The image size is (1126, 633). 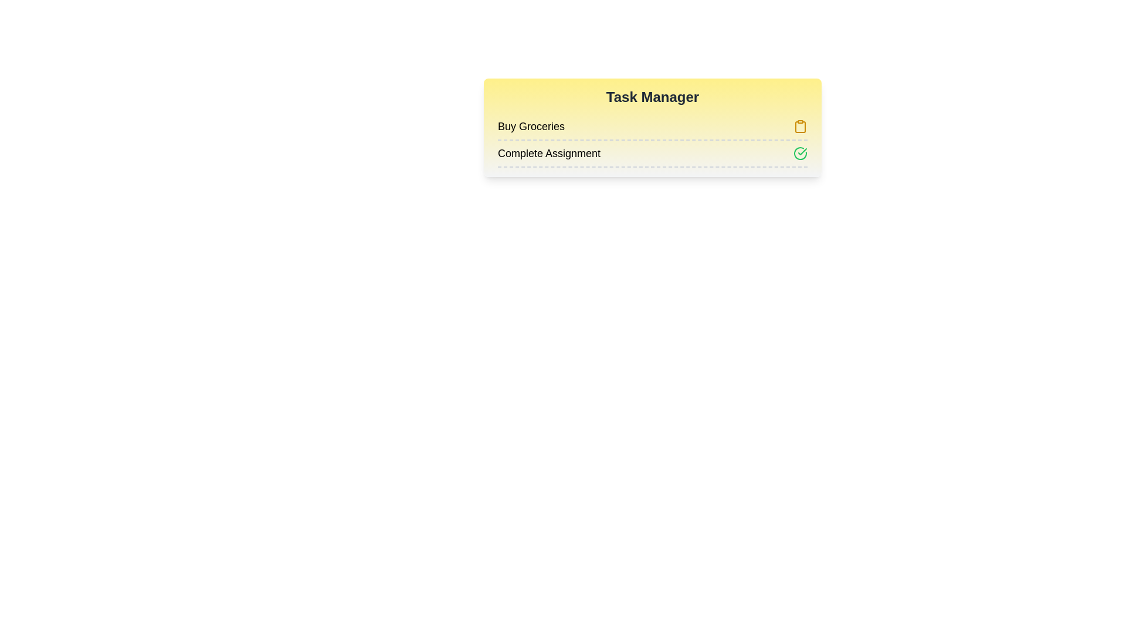 What do you see at coordinates (799, 127) in the screenshot?
I see `the decorative clipboard icon component in the task manager interface, located to the right of the 'Task Manager' heading` at bounding box center [799, 127].